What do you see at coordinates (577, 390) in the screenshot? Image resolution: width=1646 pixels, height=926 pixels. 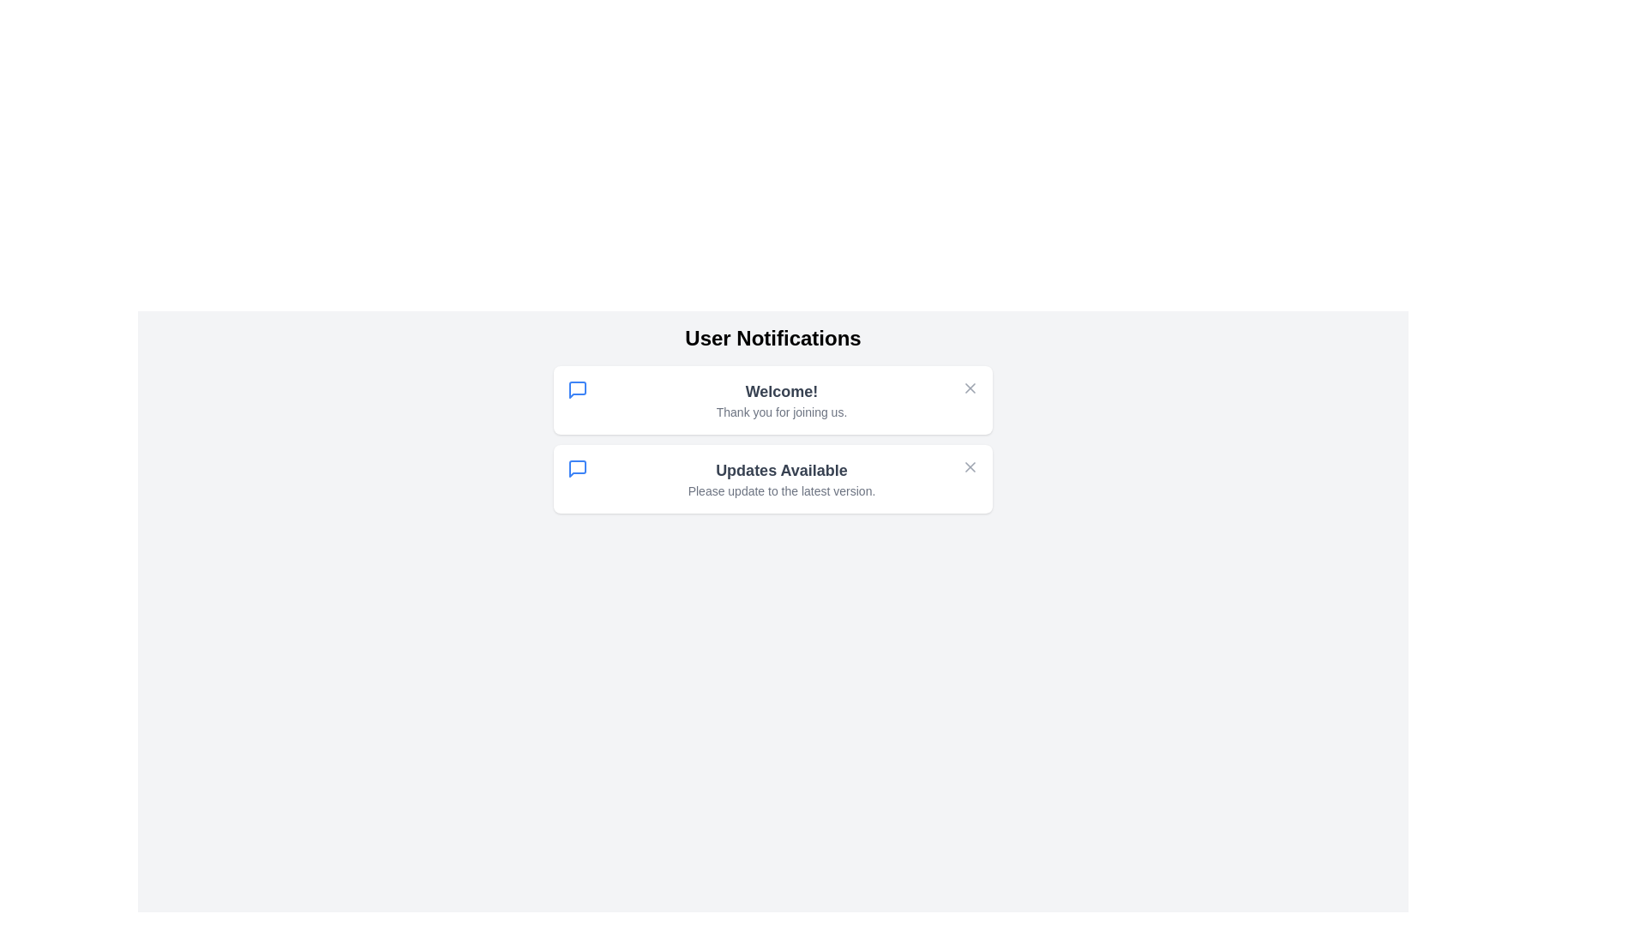 I see `the message notification icon located in the first notification box under the 'User Notifications' heading, which is aligned to the left adjacent to the text content` at bounding box center [577, 390].